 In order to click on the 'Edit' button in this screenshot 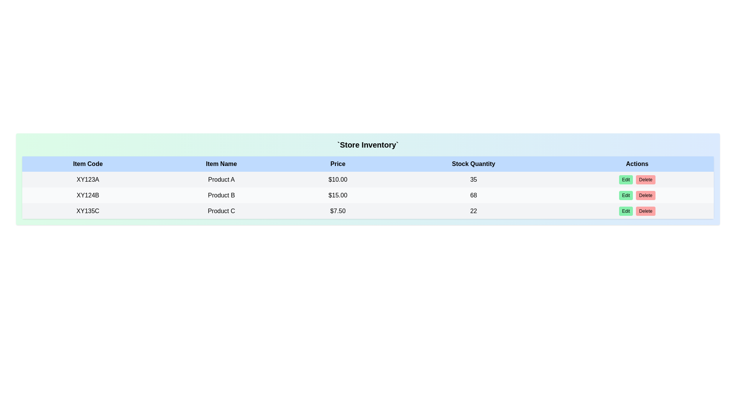, I will do `click(637, 195)`.